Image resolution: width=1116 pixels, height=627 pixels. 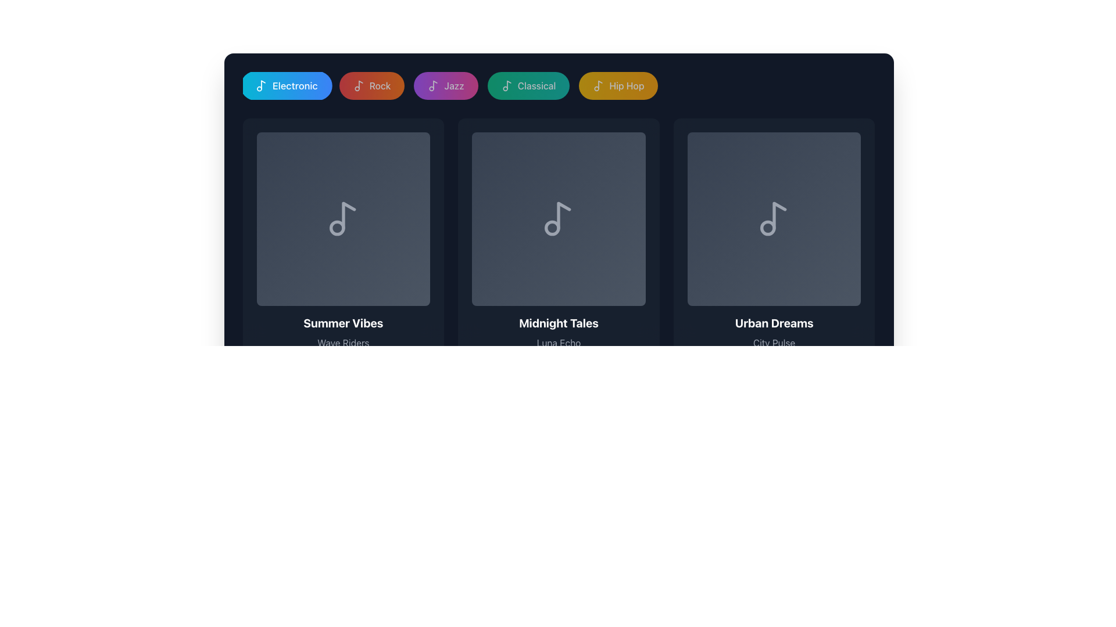 What do you see at coordinates (618, 85) in the screenshot?
I see `the 'Hip Hop' genre button, which has a gradient background from yellow to amber and features a white music note icon next to the text 'Hip Hop' in bold white font` at bounding box center [618, 85].